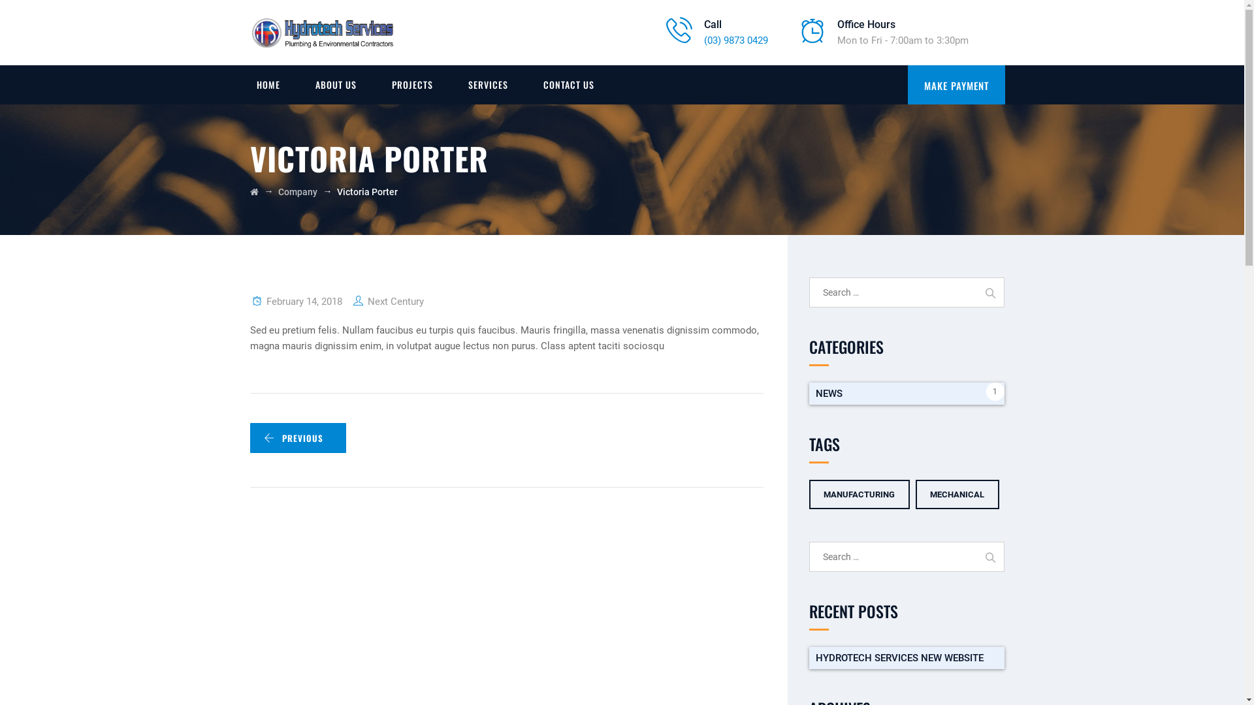 The height and width of the screenshot is (705, 1254). I want to click on 'MANUFACTURING', so click(859, 494).